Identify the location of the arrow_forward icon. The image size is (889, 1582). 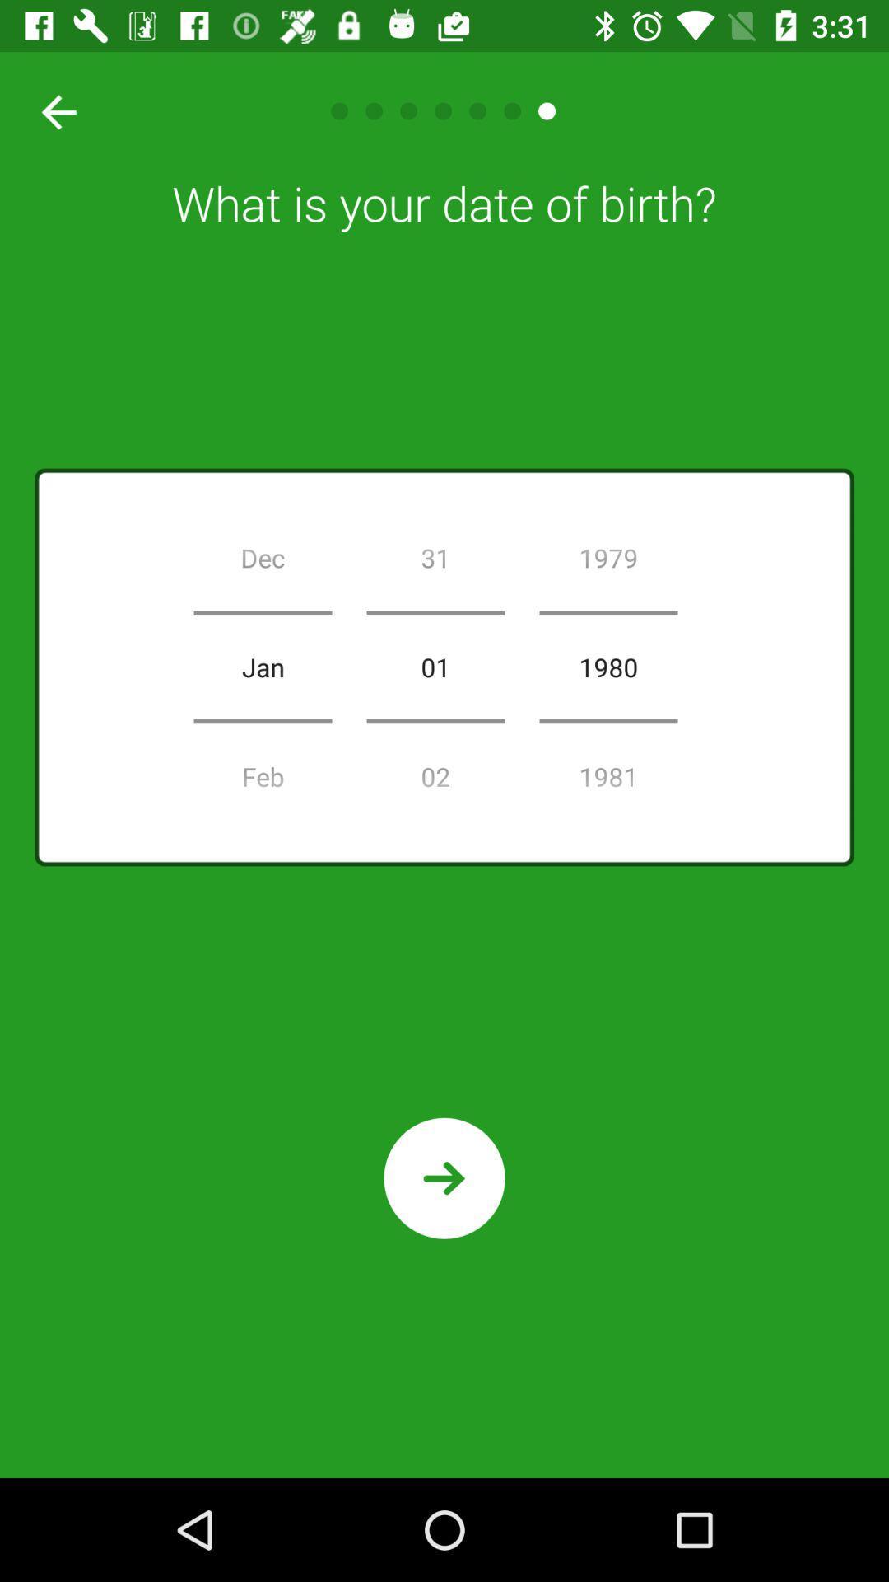
(444, 1177).